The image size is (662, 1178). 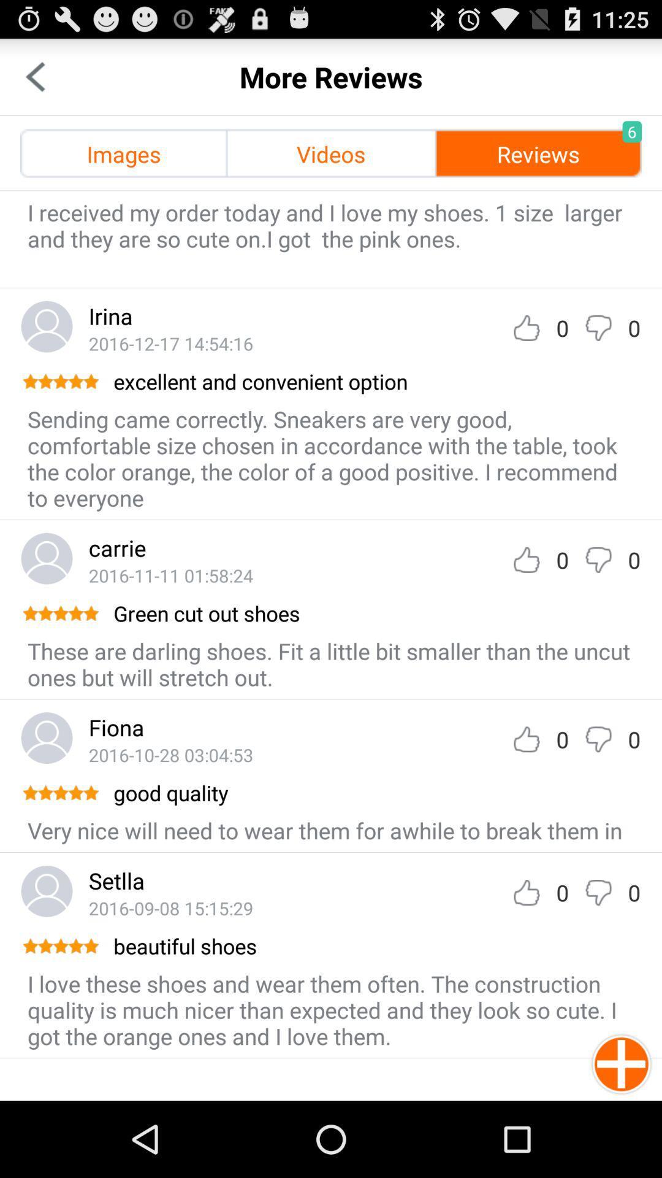 What do you see at coordinates (170, 908) in the screenshot?
I see `the 2016 09 08 icon` at bounding box center [170, 908].